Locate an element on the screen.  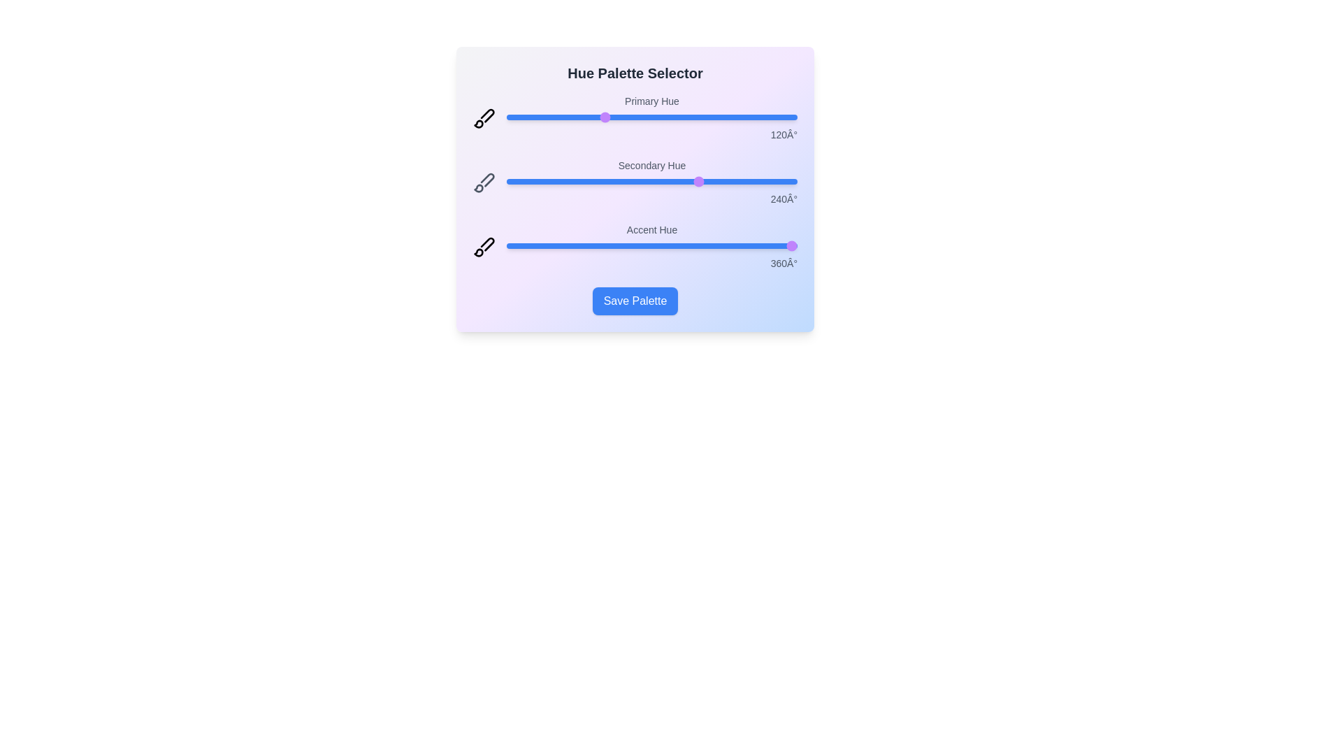
the 'Primary Hue' slider to 242 degrees is located at coordinates (702, 117).